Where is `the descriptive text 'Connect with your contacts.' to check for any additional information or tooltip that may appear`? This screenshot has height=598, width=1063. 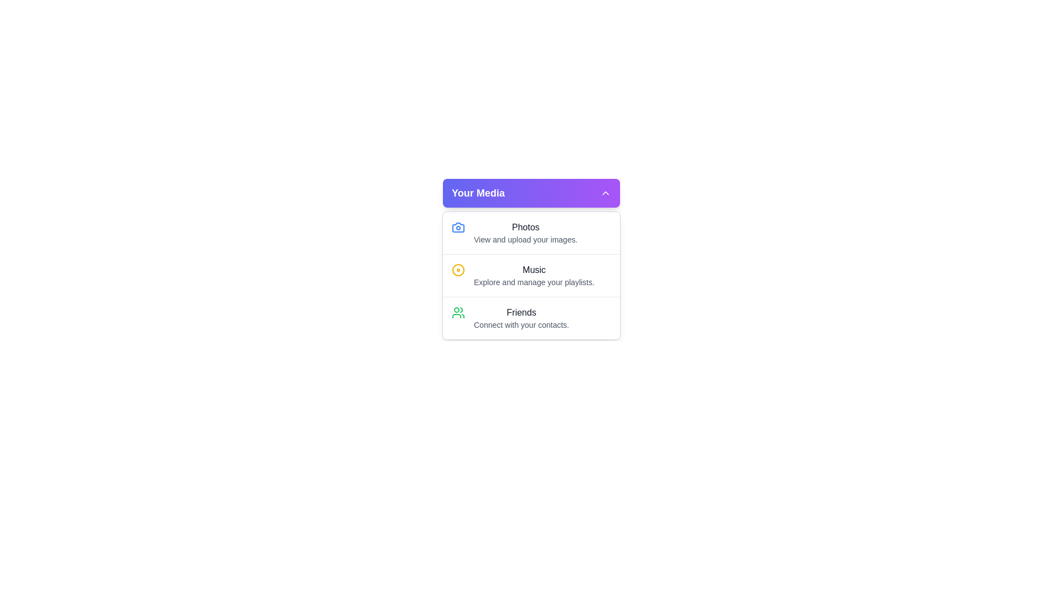
the descriptive text 'Connect with your contacts.' to check for any additional information or tooltip that may appear is located at coordinates (520, 324).